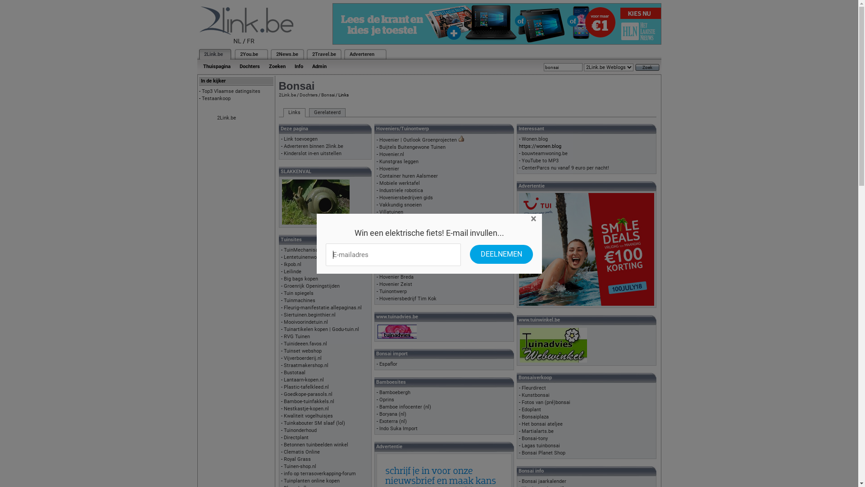  Describe the element at coordinates (542, 424) in the screenshot. I see `'Het bonsai ateljee'` at that location.